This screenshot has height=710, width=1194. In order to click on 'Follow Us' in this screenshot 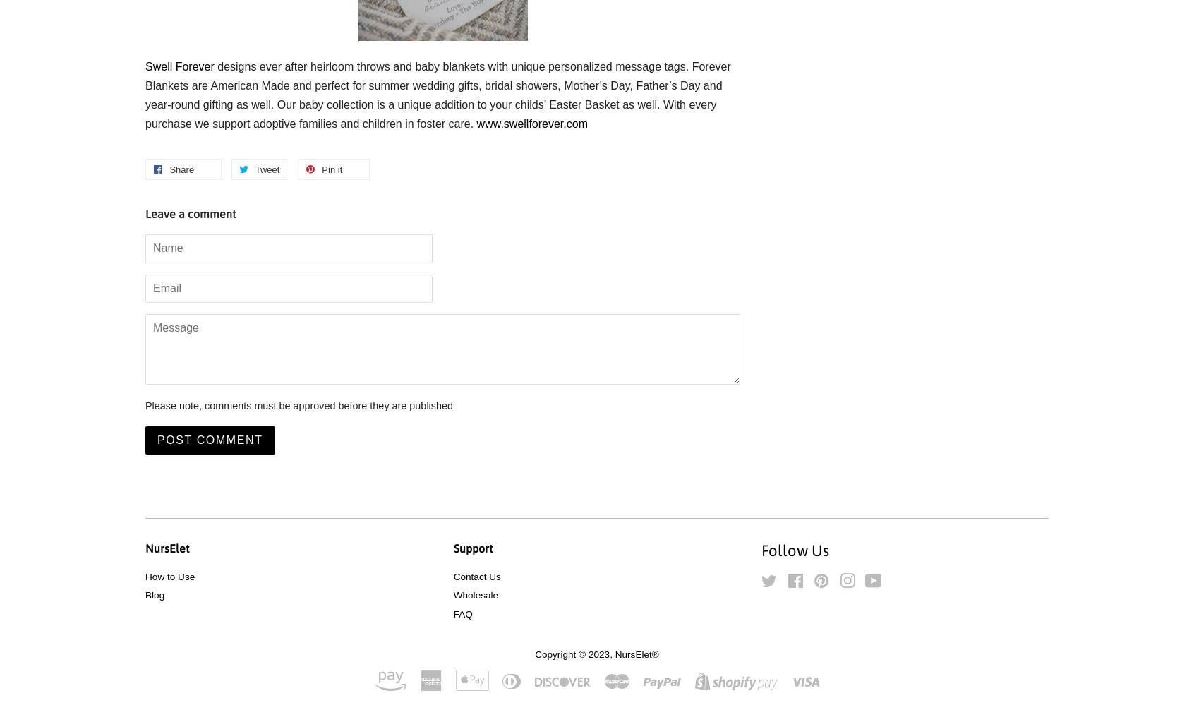, I will do `click(795, 549)`.